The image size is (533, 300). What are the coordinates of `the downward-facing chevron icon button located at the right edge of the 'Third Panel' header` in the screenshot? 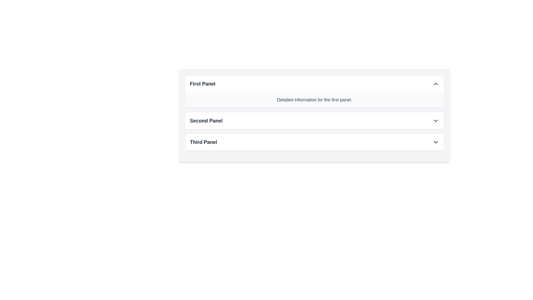 It's located at (435, 142).